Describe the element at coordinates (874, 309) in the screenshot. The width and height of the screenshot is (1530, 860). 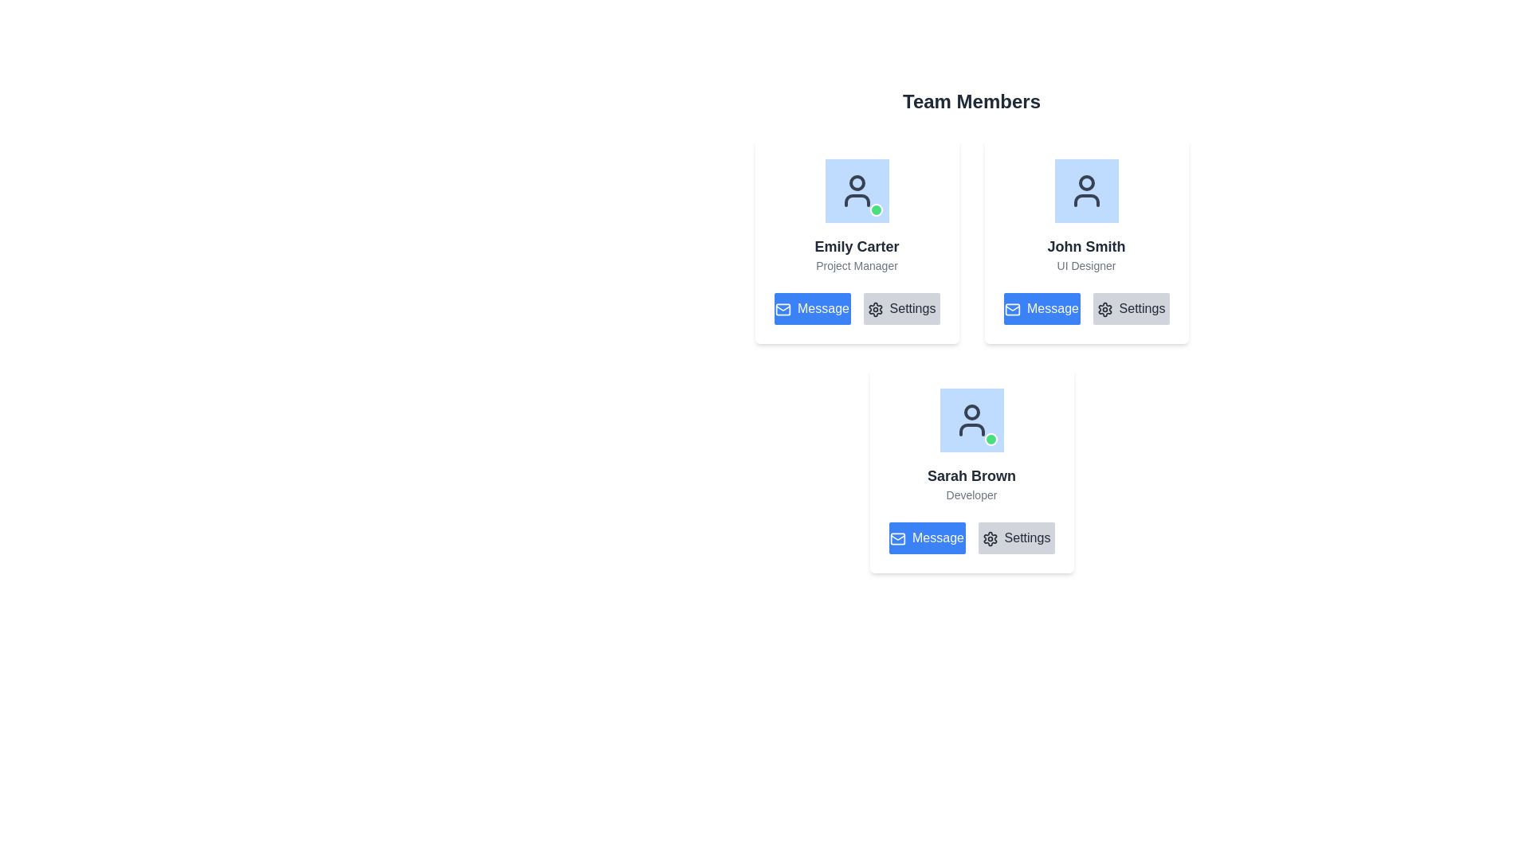
I see `the gear icon in the 'Settings' button located below the 'John Smith' card` at that location.